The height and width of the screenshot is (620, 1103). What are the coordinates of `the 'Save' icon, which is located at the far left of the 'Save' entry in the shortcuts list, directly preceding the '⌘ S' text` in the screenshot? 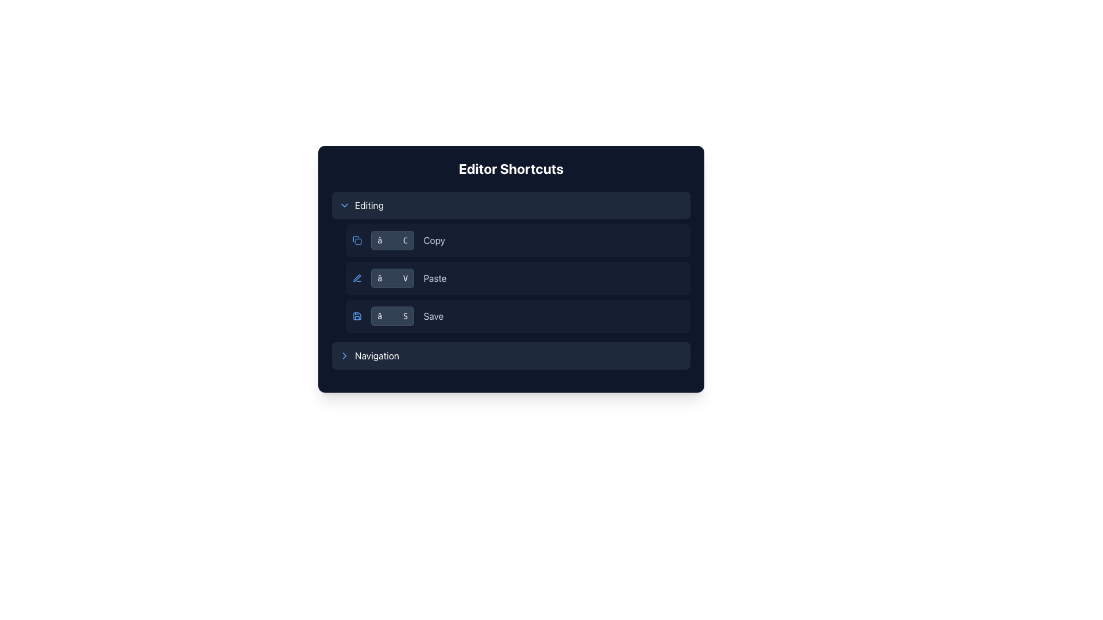 It's located at (357, 316).